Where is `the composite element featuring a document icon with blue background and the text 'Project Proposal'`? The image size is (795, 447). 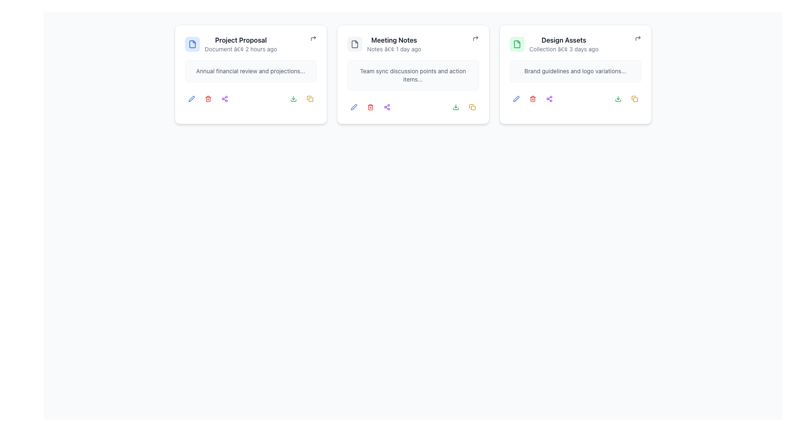
the composite element featuring a document icon with blue background and the text 'Project Proposal' is located at coordinates (250, 44).